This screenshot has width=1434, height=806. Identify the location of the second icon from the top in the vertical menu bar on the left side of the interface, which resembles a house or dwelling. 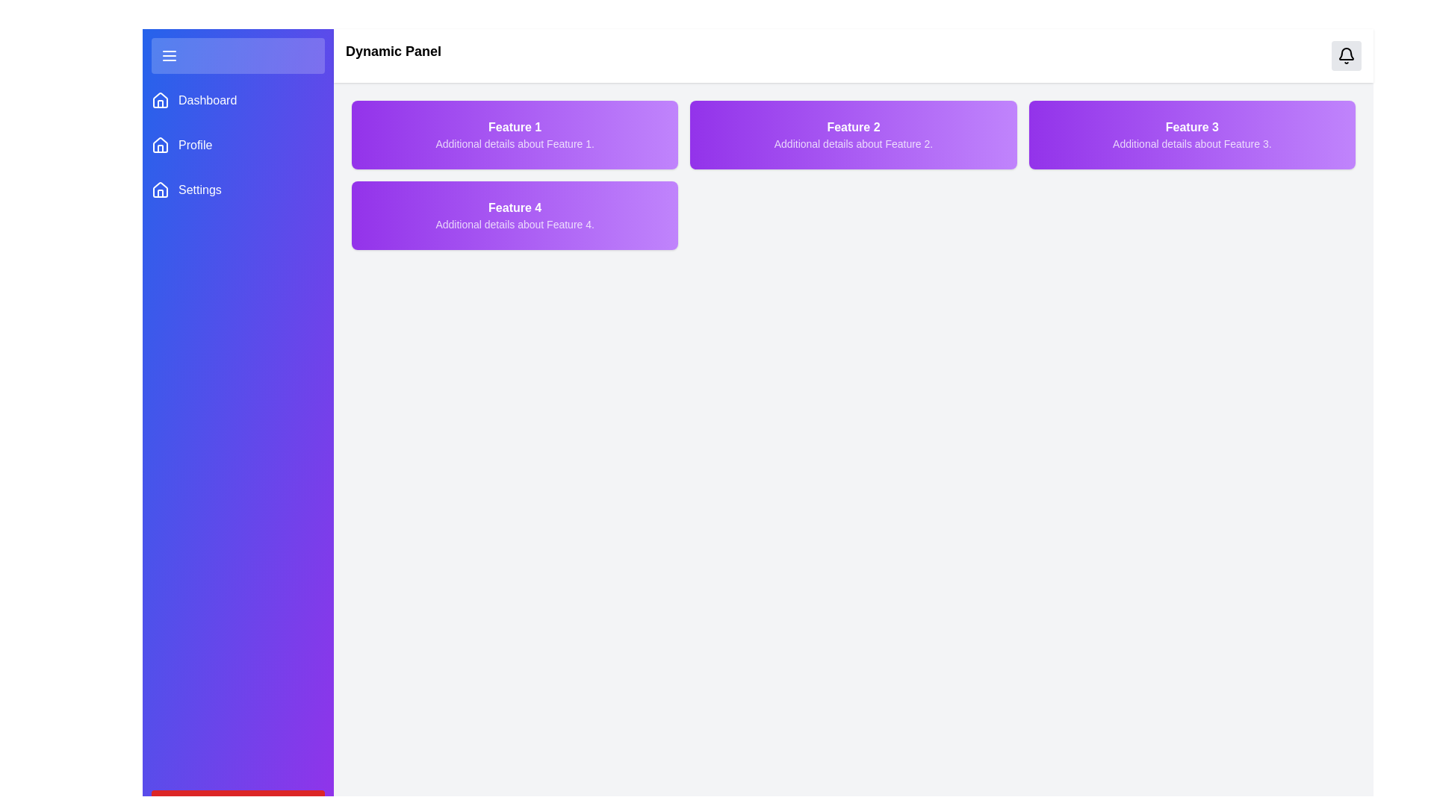
(161, 103).